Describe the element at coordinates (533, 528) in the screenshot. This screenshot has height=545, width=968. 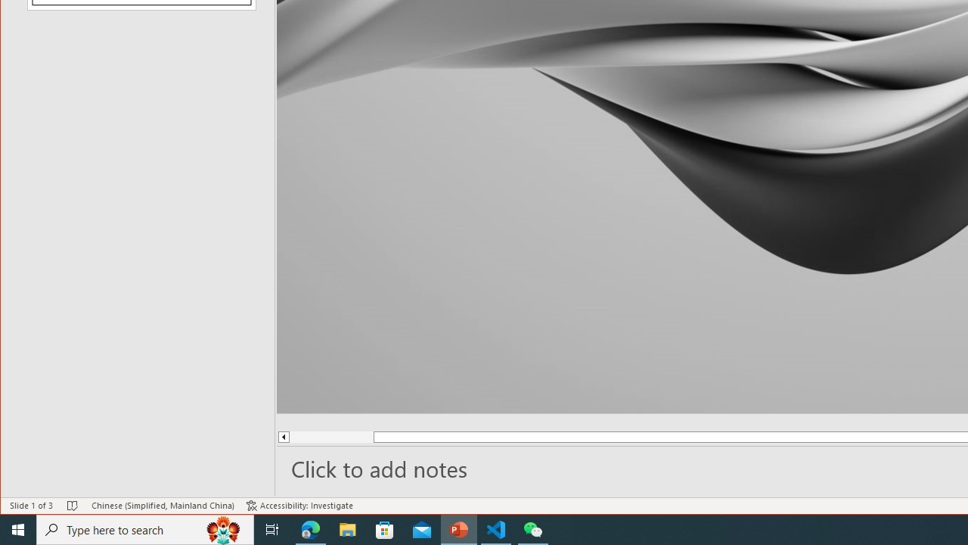
I see `'WeChat - 1 running window'` at that location.